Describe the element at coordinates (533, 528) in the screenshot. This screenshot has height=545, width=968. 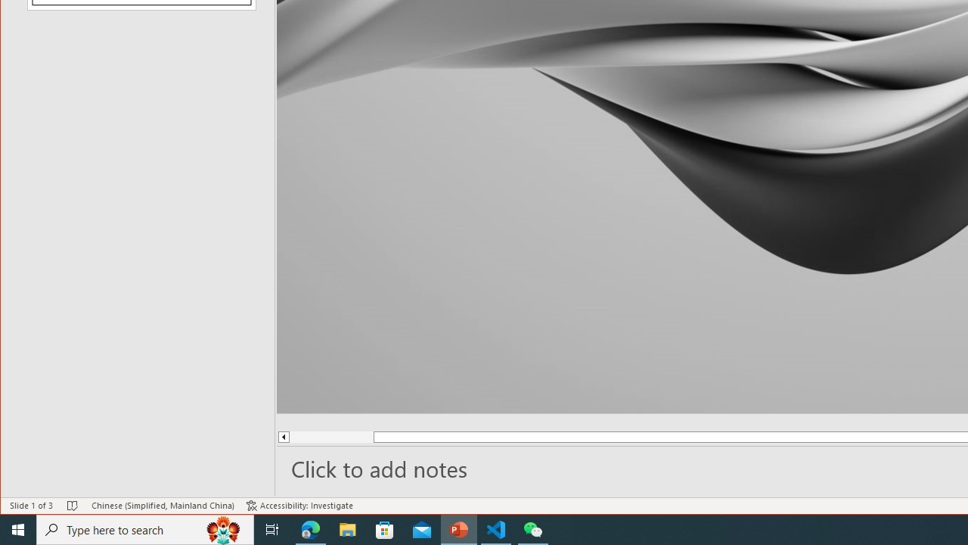
I see `'WeChat - 1 running window'` at that location.